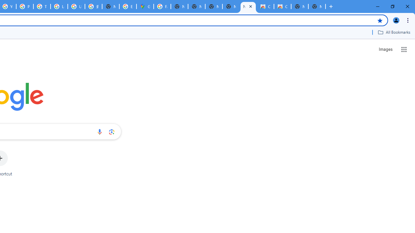  Describe the element at coordinates (265, 6) in the screenshot. I see `'Classic Blue - Chrome Web Store'` at that location.